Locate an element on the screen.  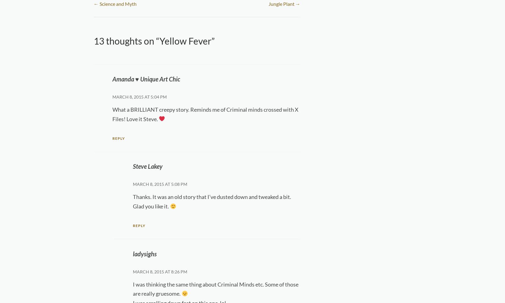
'Steve Lakey' is located at coordinates (147, 166).